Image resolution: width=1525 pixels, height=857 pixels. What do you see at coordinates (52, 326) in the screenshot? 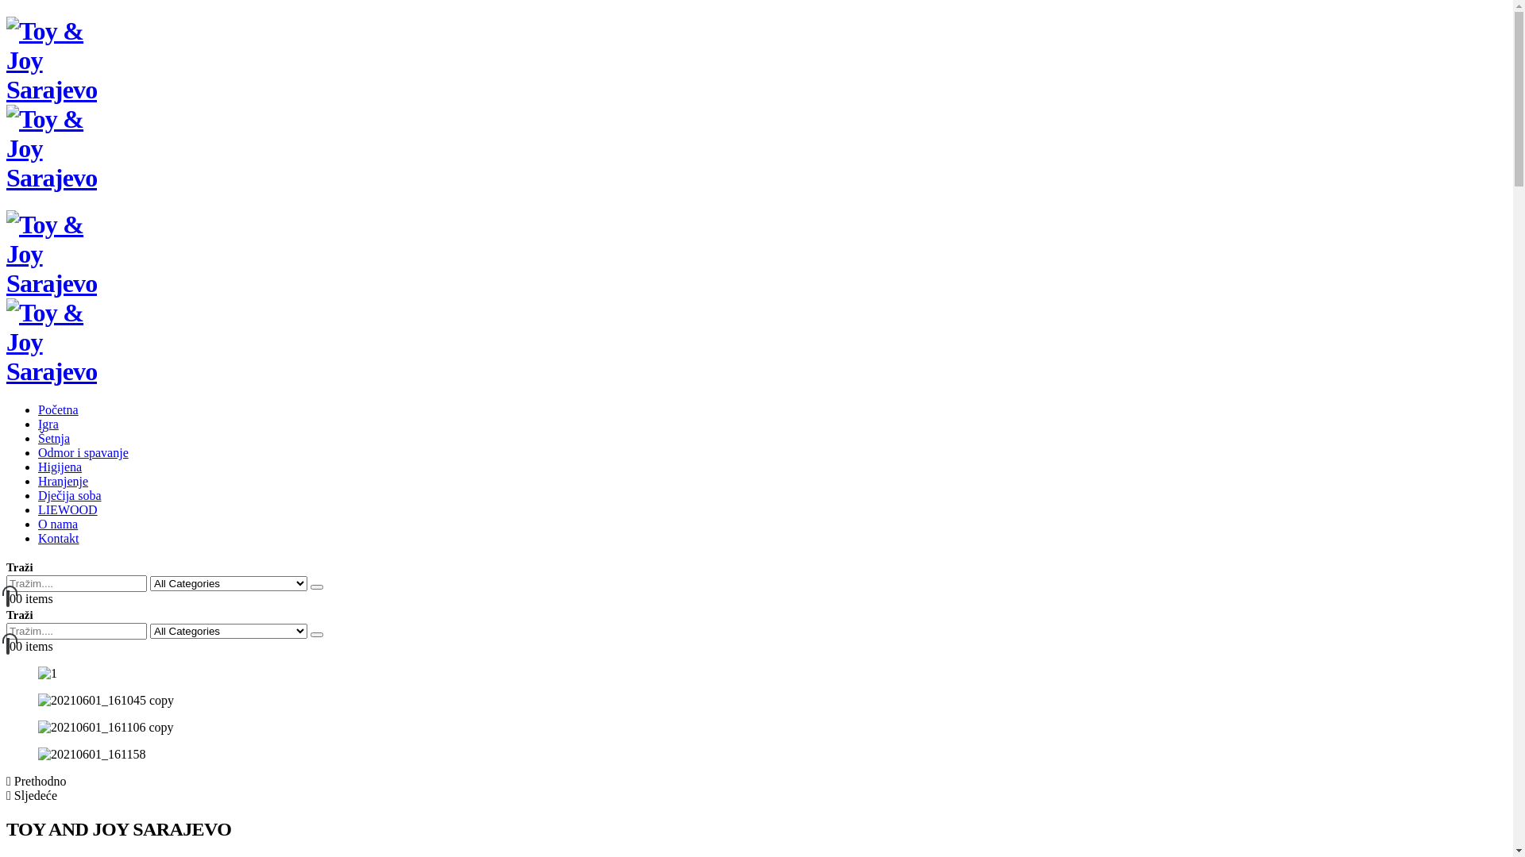
I see `'Toy & Joy Sarajevo - Baby concept store'` at bounding box center [52, 326].